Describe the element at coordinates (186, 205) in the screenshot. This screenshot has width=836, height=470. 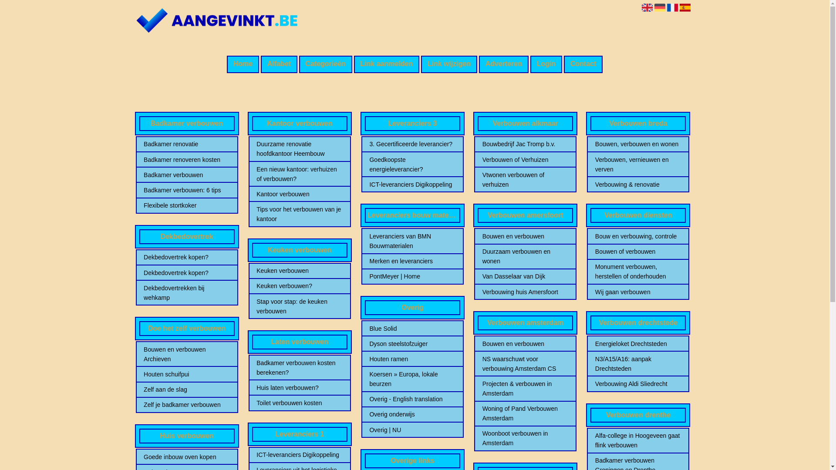
I see `'Flexibele stortkoker'` at that location.